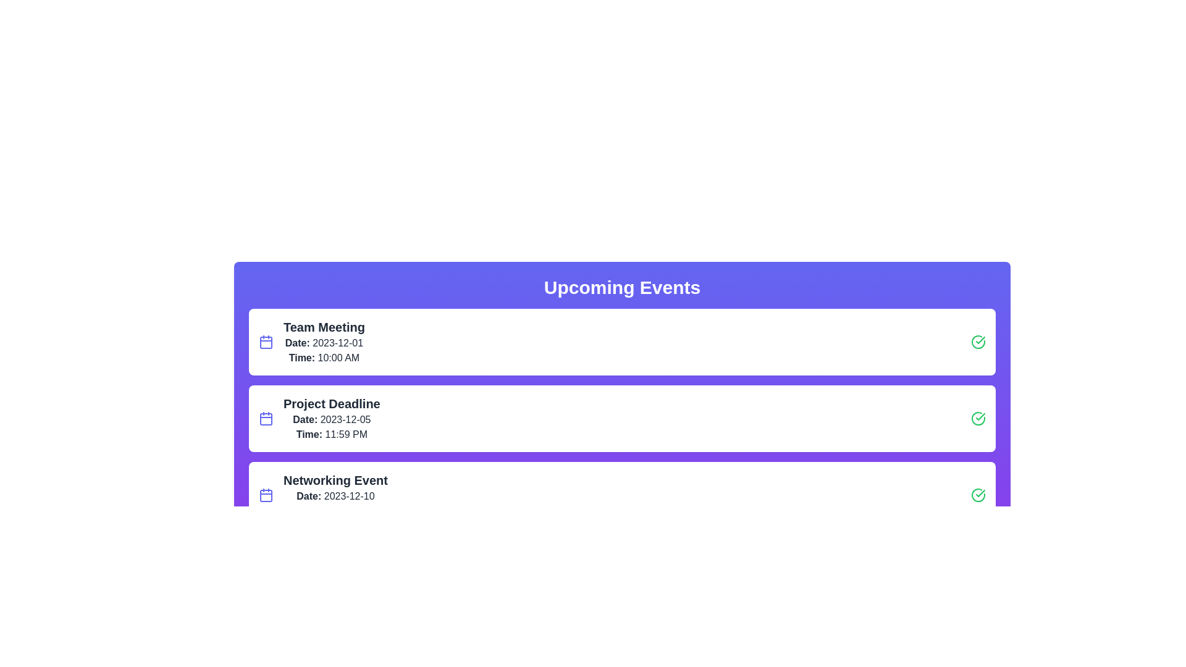 The width and height of the screenshot is (1186, 667). What do you see at coordinates (335, 495) in the screenshot?
I see `the static text display that shows information about an upcoming event, specifically located below 'Team Meeting' and 'Project Deadline'` at bounding box center [335, 495].